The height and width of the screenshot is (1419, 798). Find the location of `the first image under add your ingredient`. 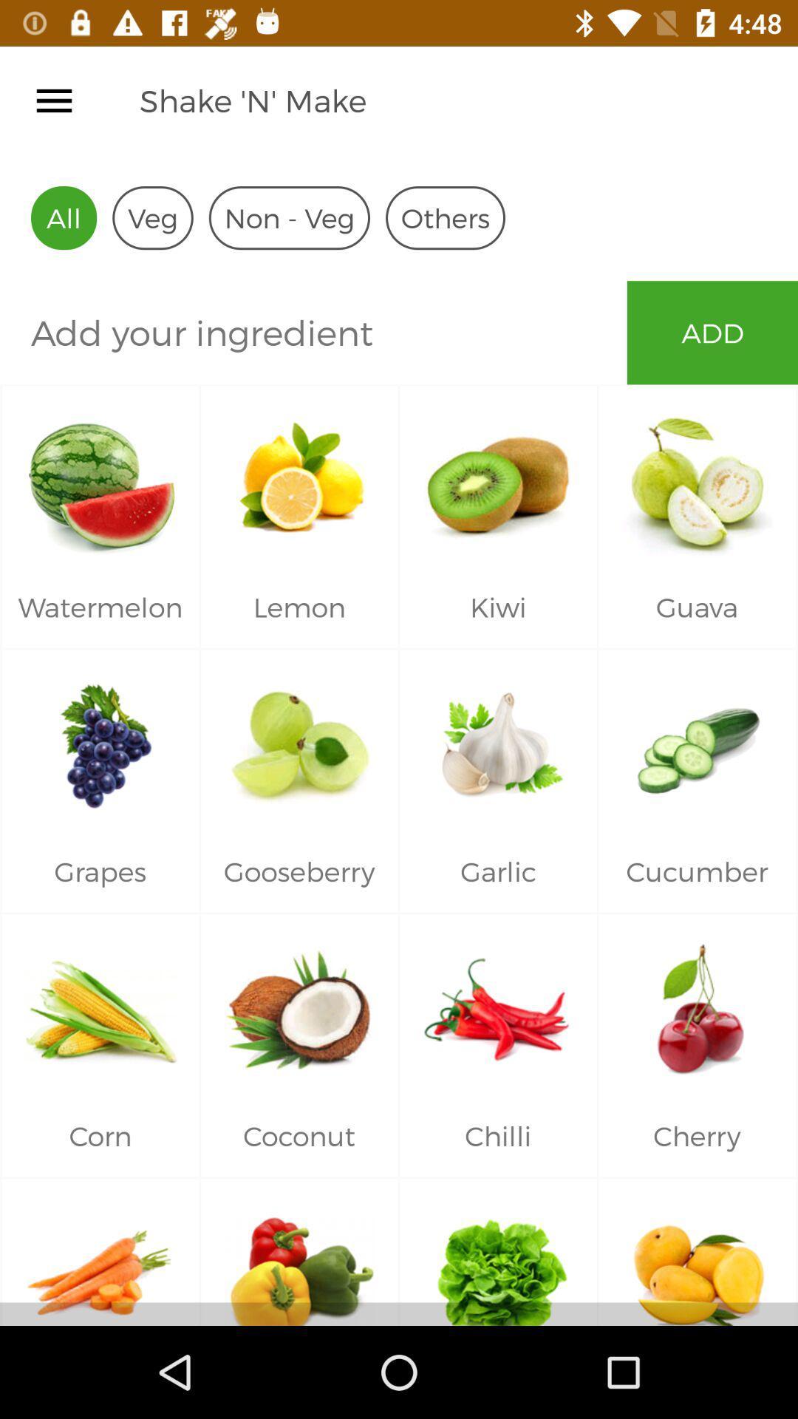

the first image under add your ingredient is located at coordinates (100, 476).